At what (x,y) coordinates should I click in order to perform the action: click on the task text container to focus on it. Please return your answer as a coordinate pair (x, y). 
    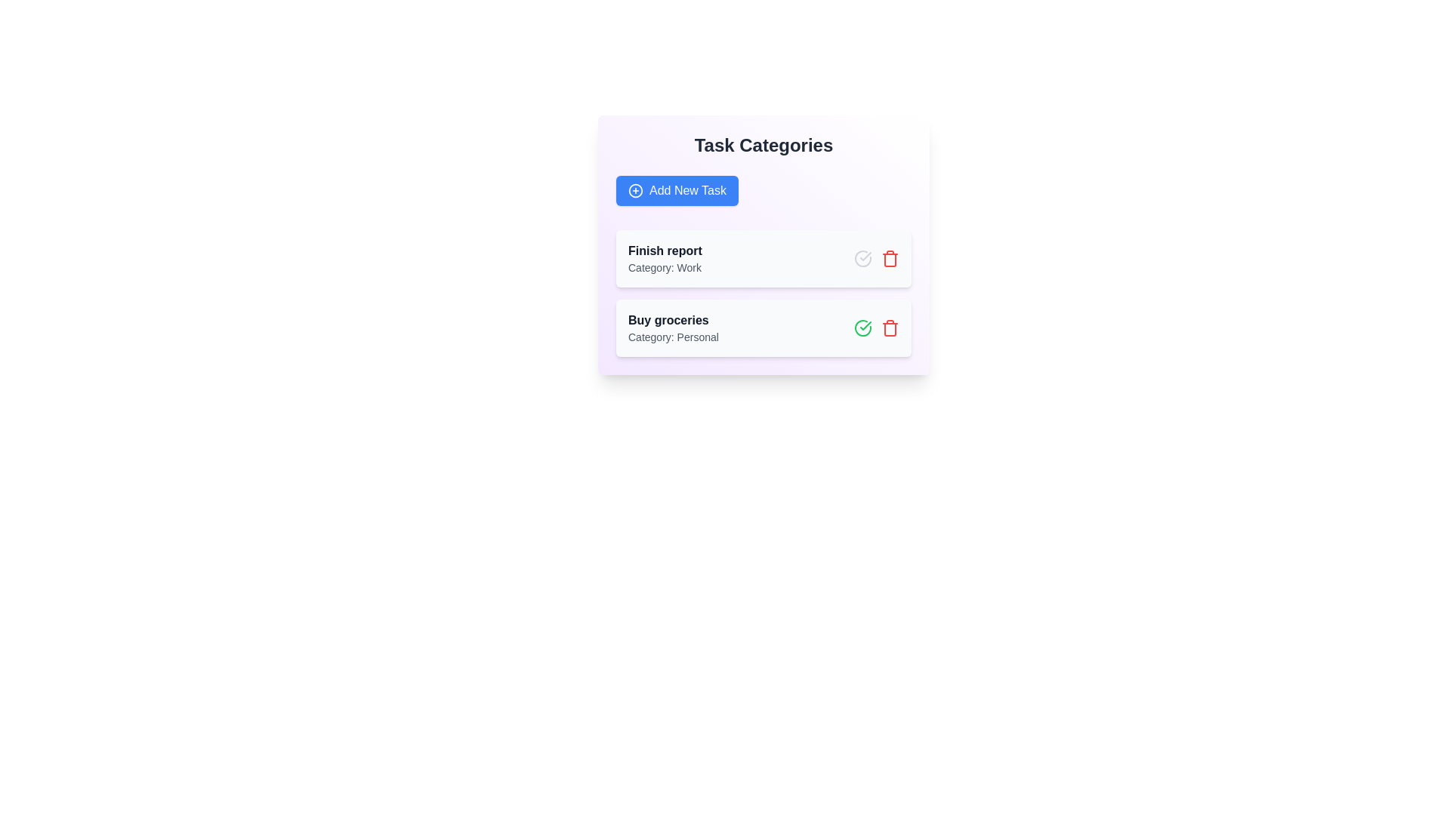
    Looking at the image, I should click on (664, 258).